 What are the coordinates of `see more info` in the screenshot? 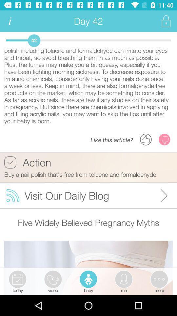 It's located at (10, 21).